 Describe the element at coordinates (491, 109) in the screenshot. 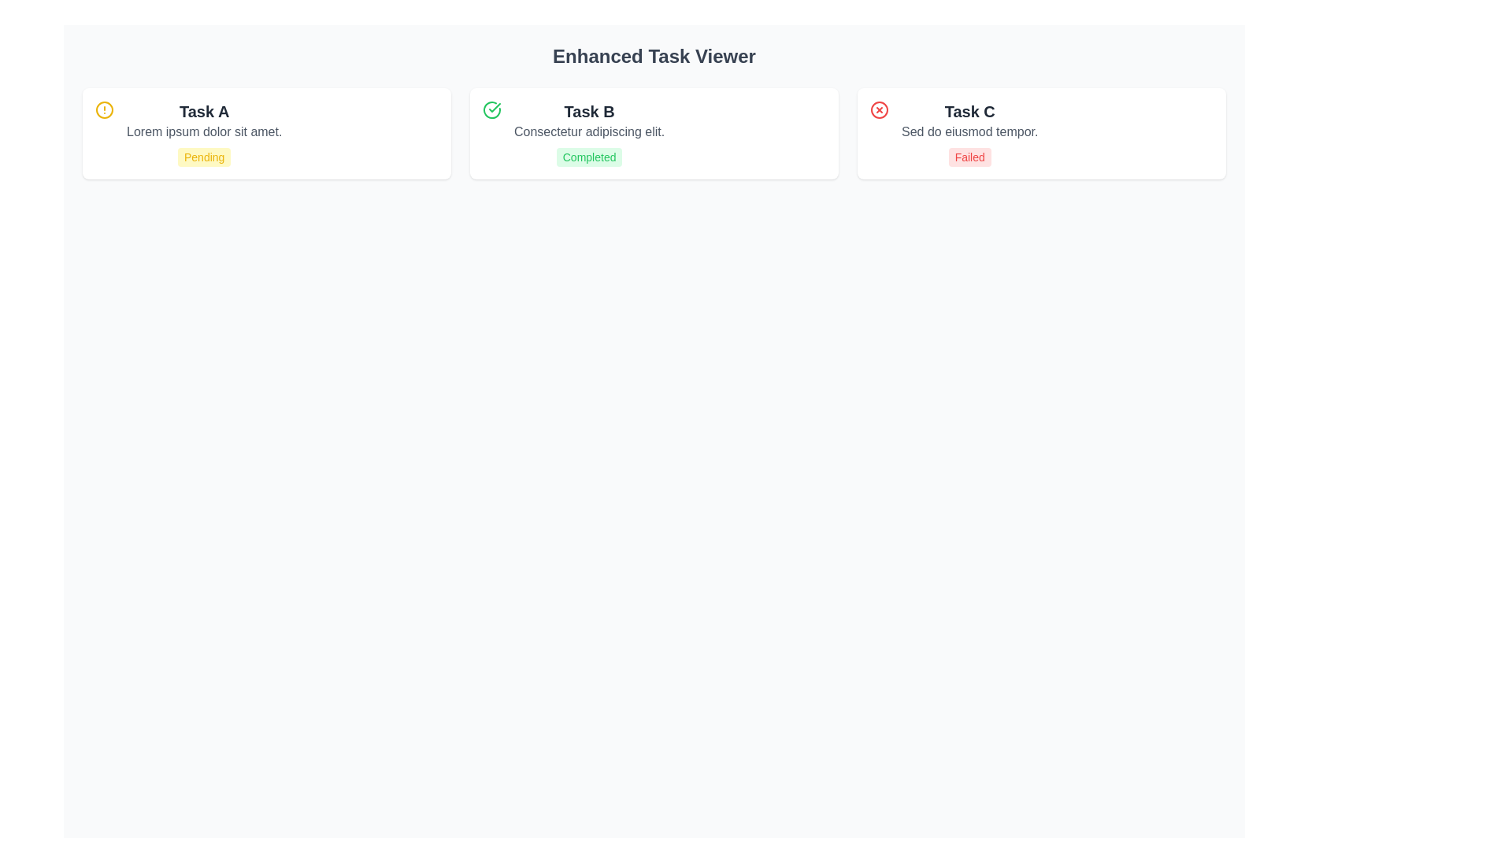

I see `the circular border of the status indicator within the green checkmark icon, which signifies a completed task, located to the left of the text 'Task B'` at that location.